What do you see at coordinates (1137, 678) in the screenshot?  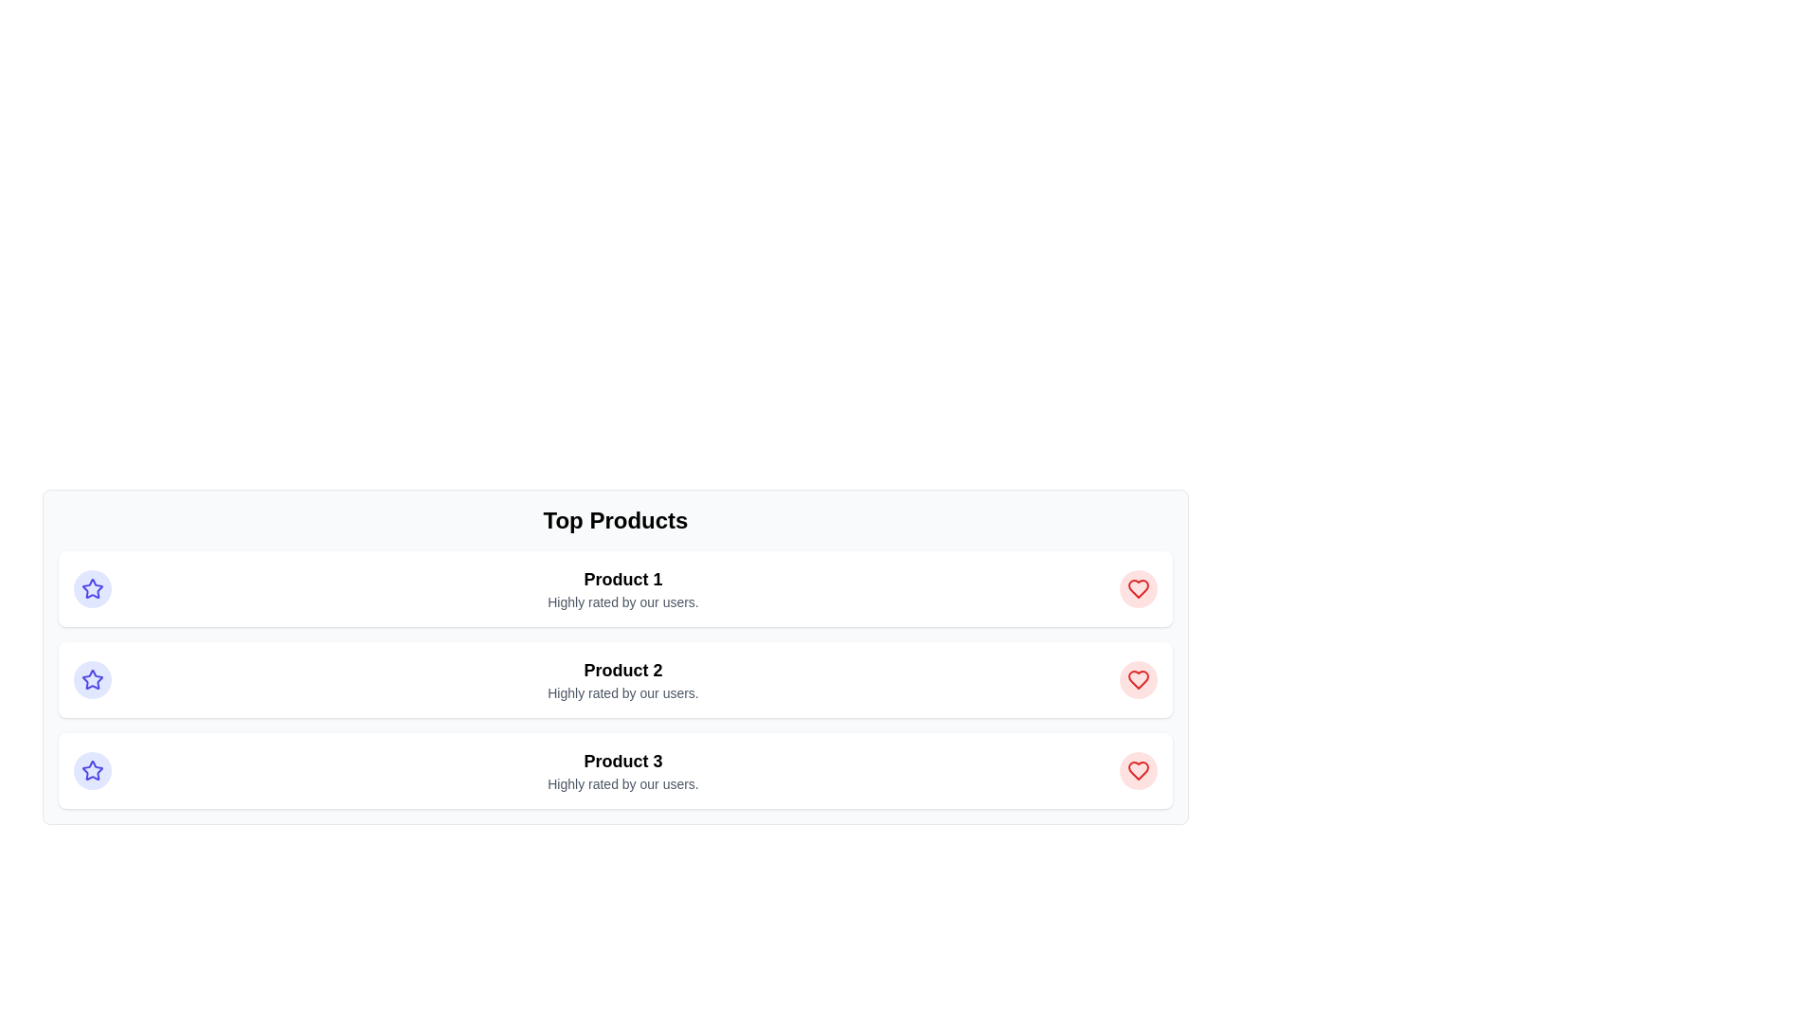 I see `the red heart-shaped icon outlined in red to favorite 'Product 2'` at bounding box center [1137, 678].